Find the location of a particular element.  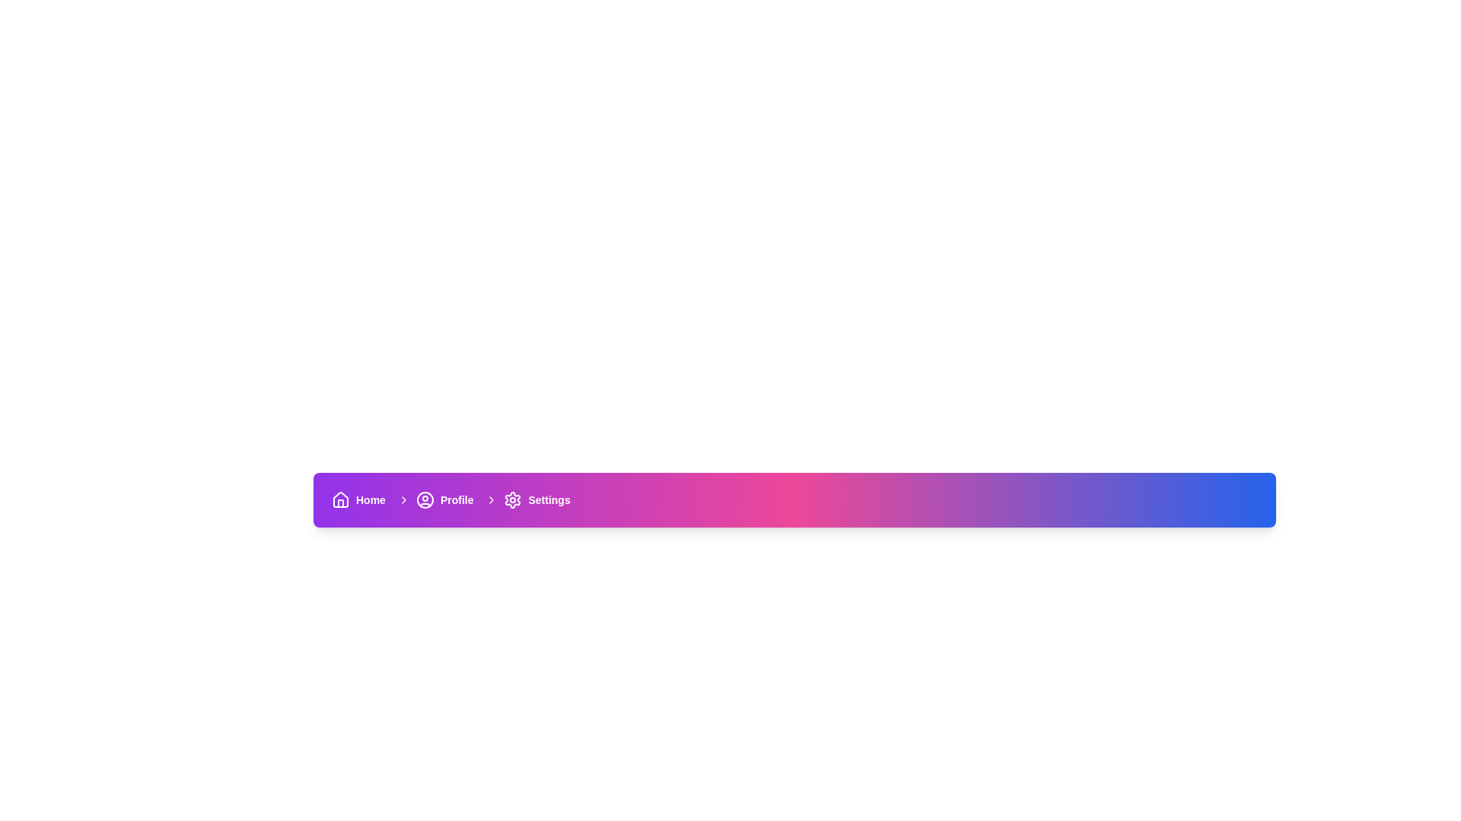

the text content of the 'Settings' label, which is styled in bold white font and located on the right side of the horizontal navigation bar, adjacent to a gear icon is located at coordinates (549, 500).